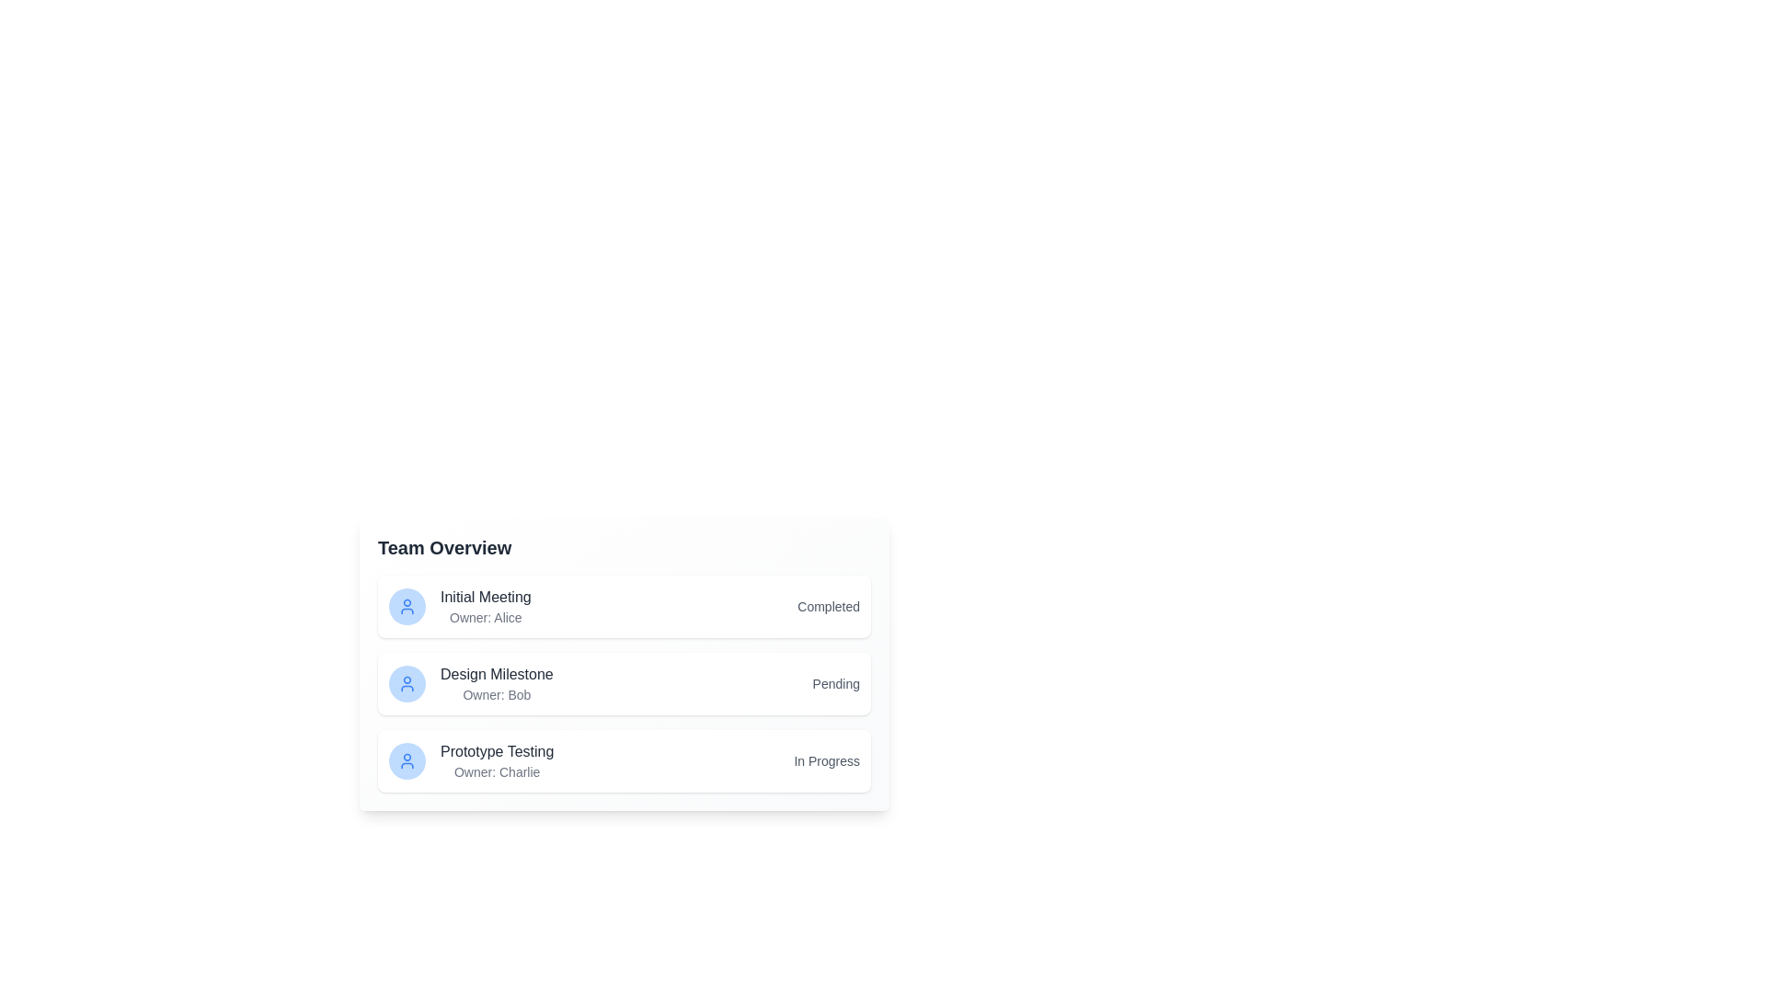 This screenshot has height=993, width=1766. I want to click on the task item in the 'Team Overview' list that shows the title and owner's name, so click(471, 761).